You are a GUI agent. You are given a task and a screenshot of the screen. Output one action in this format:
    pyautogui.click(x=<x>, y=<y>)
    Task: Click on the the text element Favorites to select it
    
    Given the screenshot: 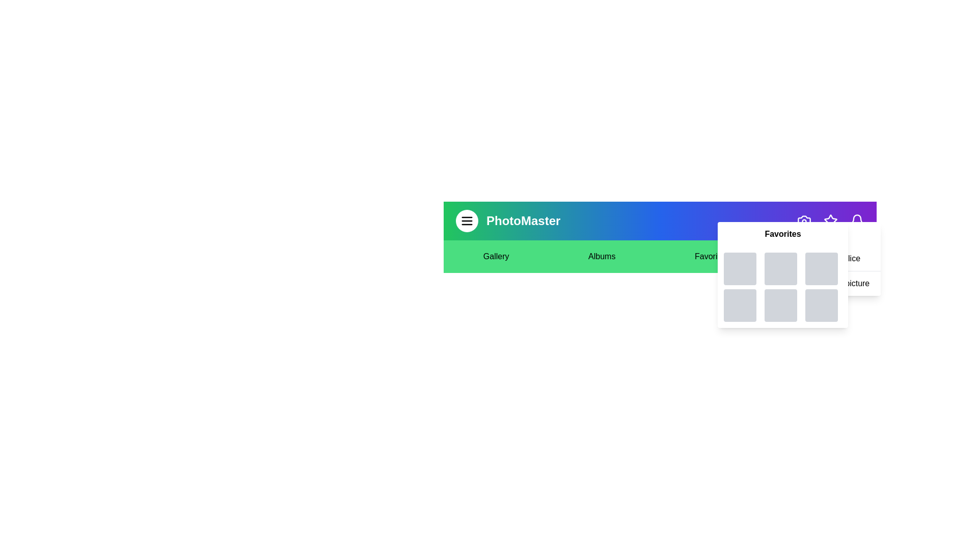 What is the action you would take?
    pyautogui.click(x=711, y=256)
    